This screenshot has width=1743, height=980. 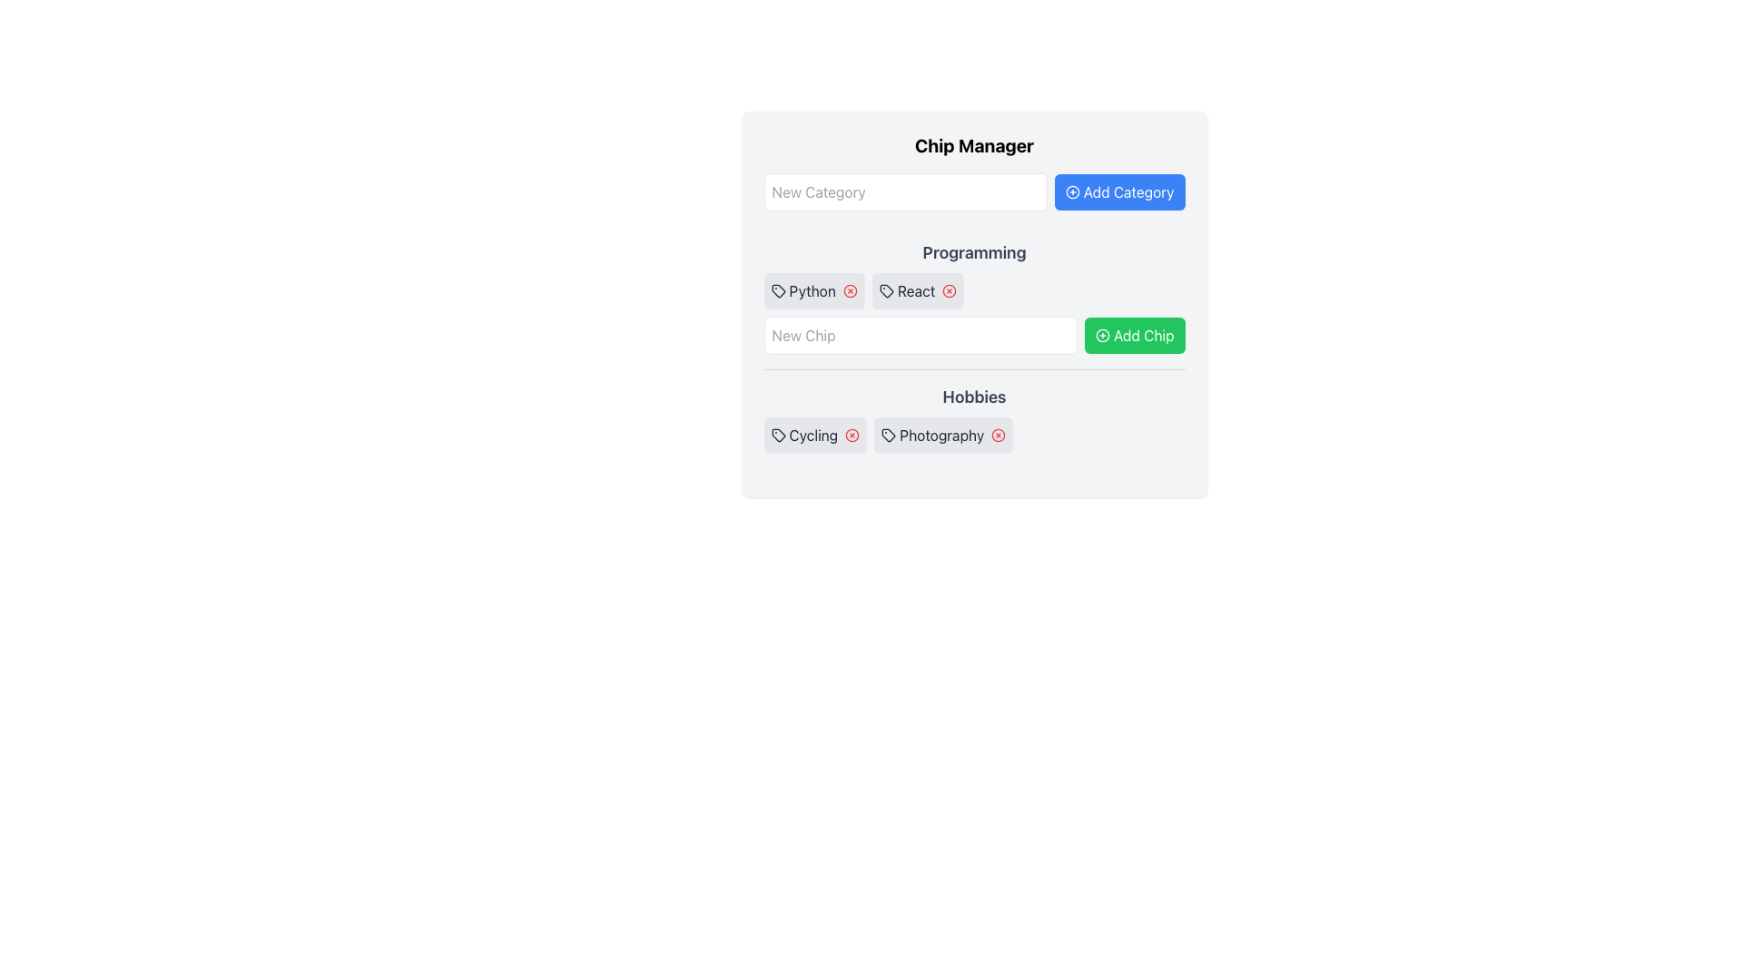 I want to click on the cross icon on the 'Cycling' tag, so click(x=813, y=435).